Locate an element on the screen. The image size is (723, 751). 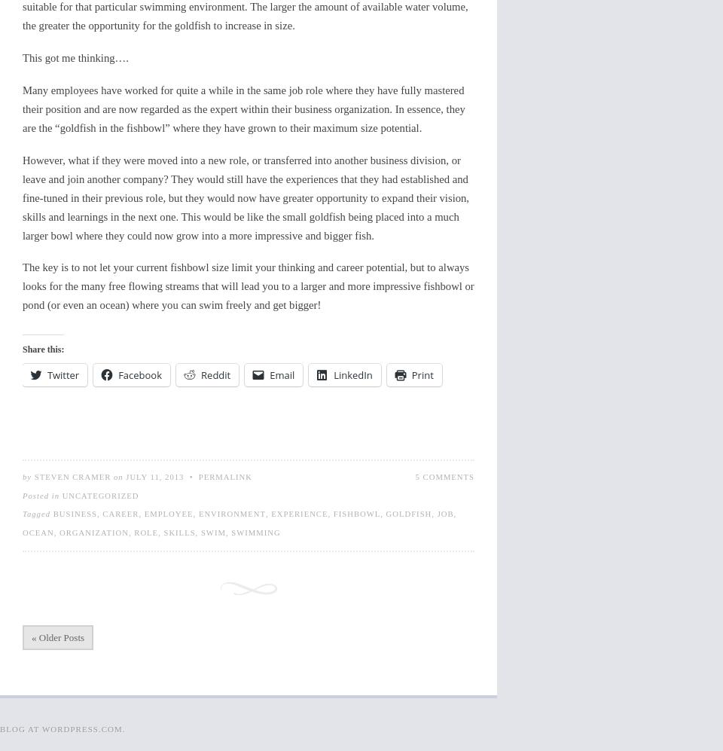
'skills' is located at coordinates (178, 532).